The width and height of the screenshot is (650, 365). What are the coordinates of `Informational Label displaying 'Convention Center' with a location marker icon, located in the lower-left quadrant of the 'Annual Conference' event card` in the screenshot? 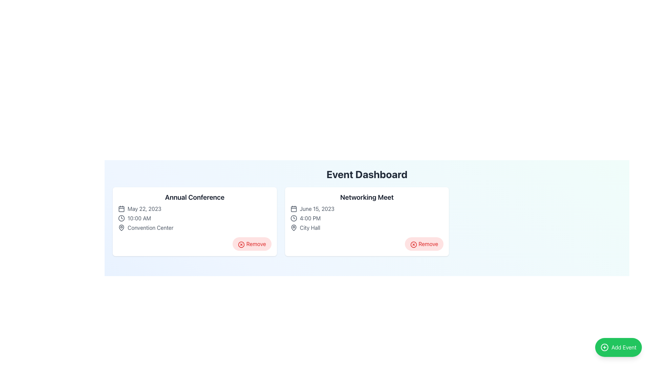 It's located at (194, 228).